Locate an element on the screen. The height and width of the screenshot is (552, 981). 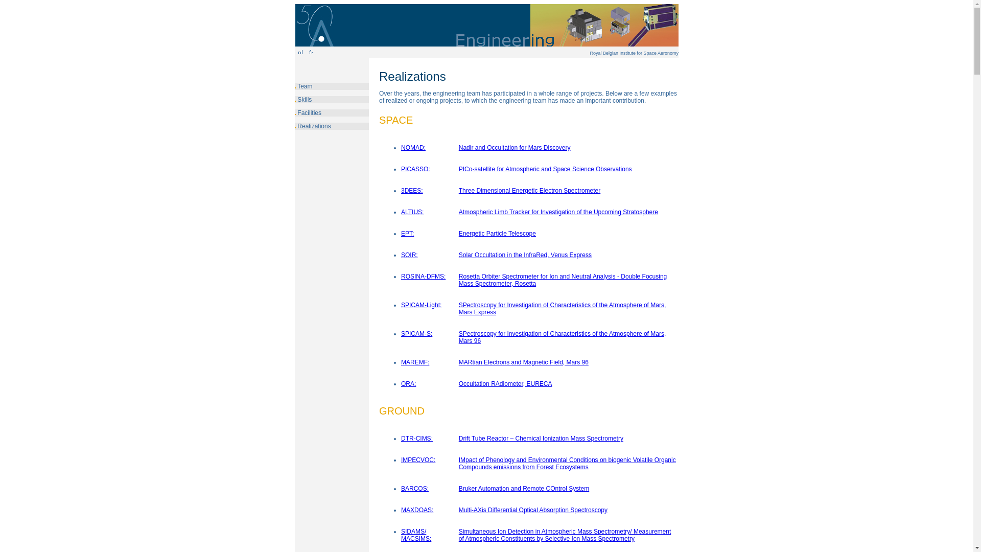
'Multi-AXis Differential Optical Absorption Spectroscopy' is located at coordinates (532, 510).